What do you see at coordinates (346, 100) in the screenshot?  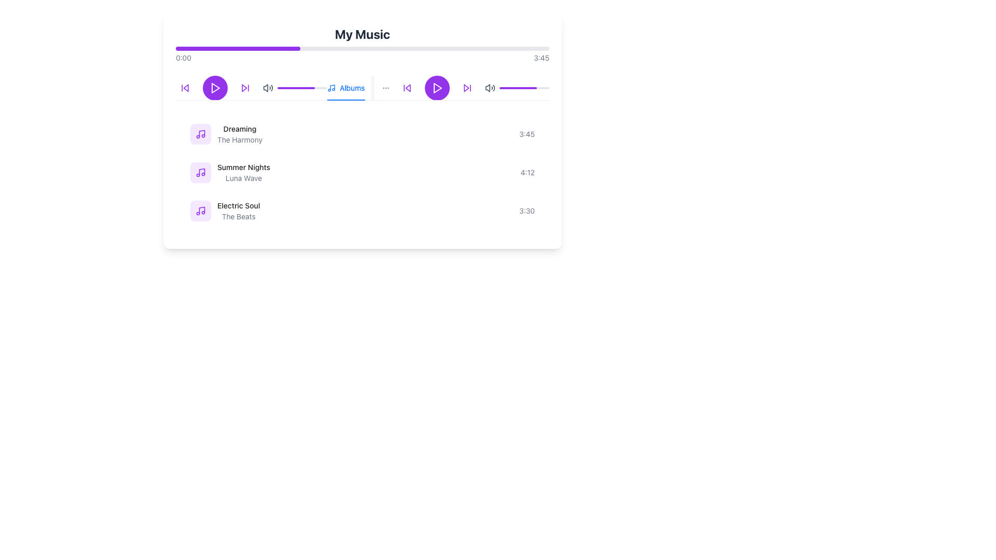 I see `the Highlight/Indicator Bar located below the 'Albums' tab in the navigation system above the music tracks list` at bounding box center [346, 100].